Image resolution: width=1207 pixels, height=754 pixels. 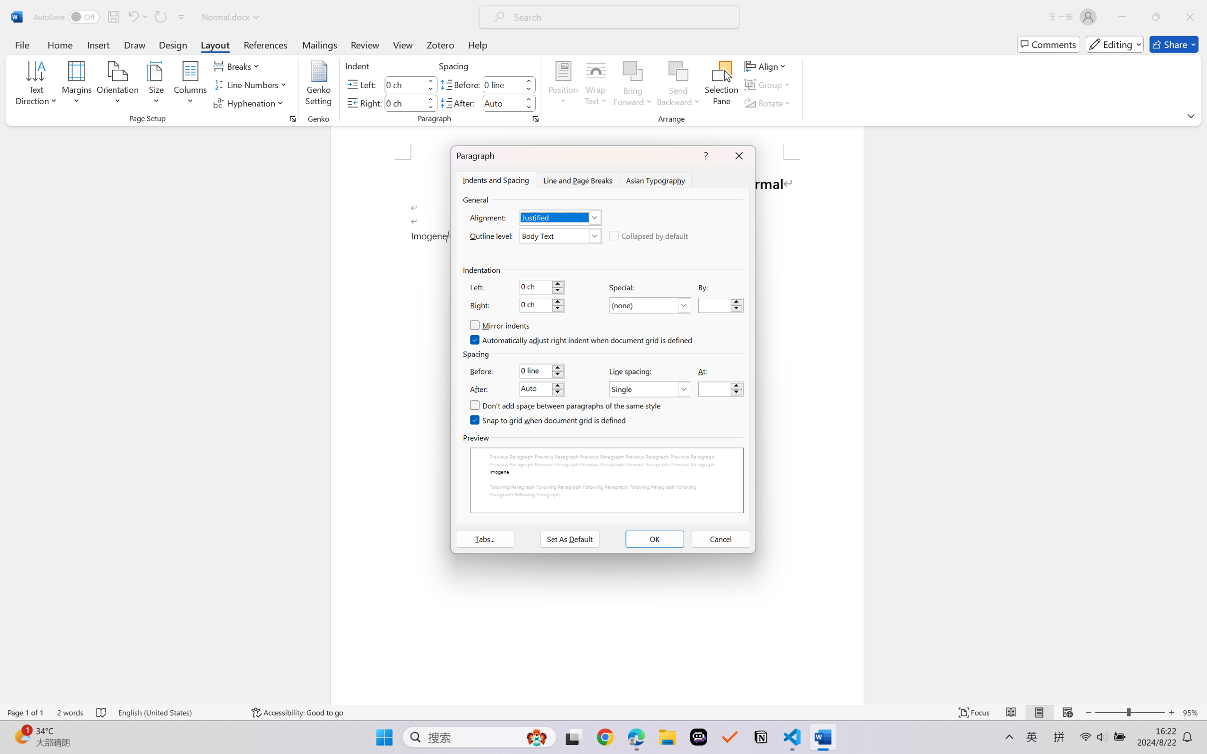 I want to click on 'Group', so click(x=768, y=85).